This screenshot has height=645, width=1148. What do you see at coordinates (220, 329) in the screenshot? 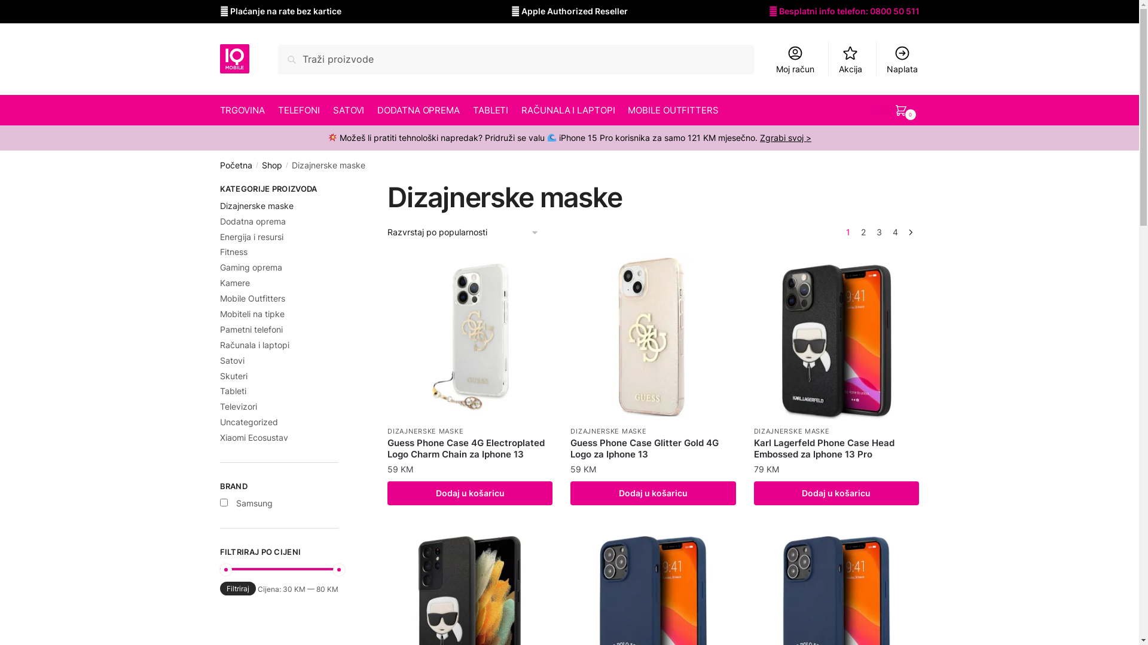
I see `'Pametni telefoni'` at bounding box center [220, 329].